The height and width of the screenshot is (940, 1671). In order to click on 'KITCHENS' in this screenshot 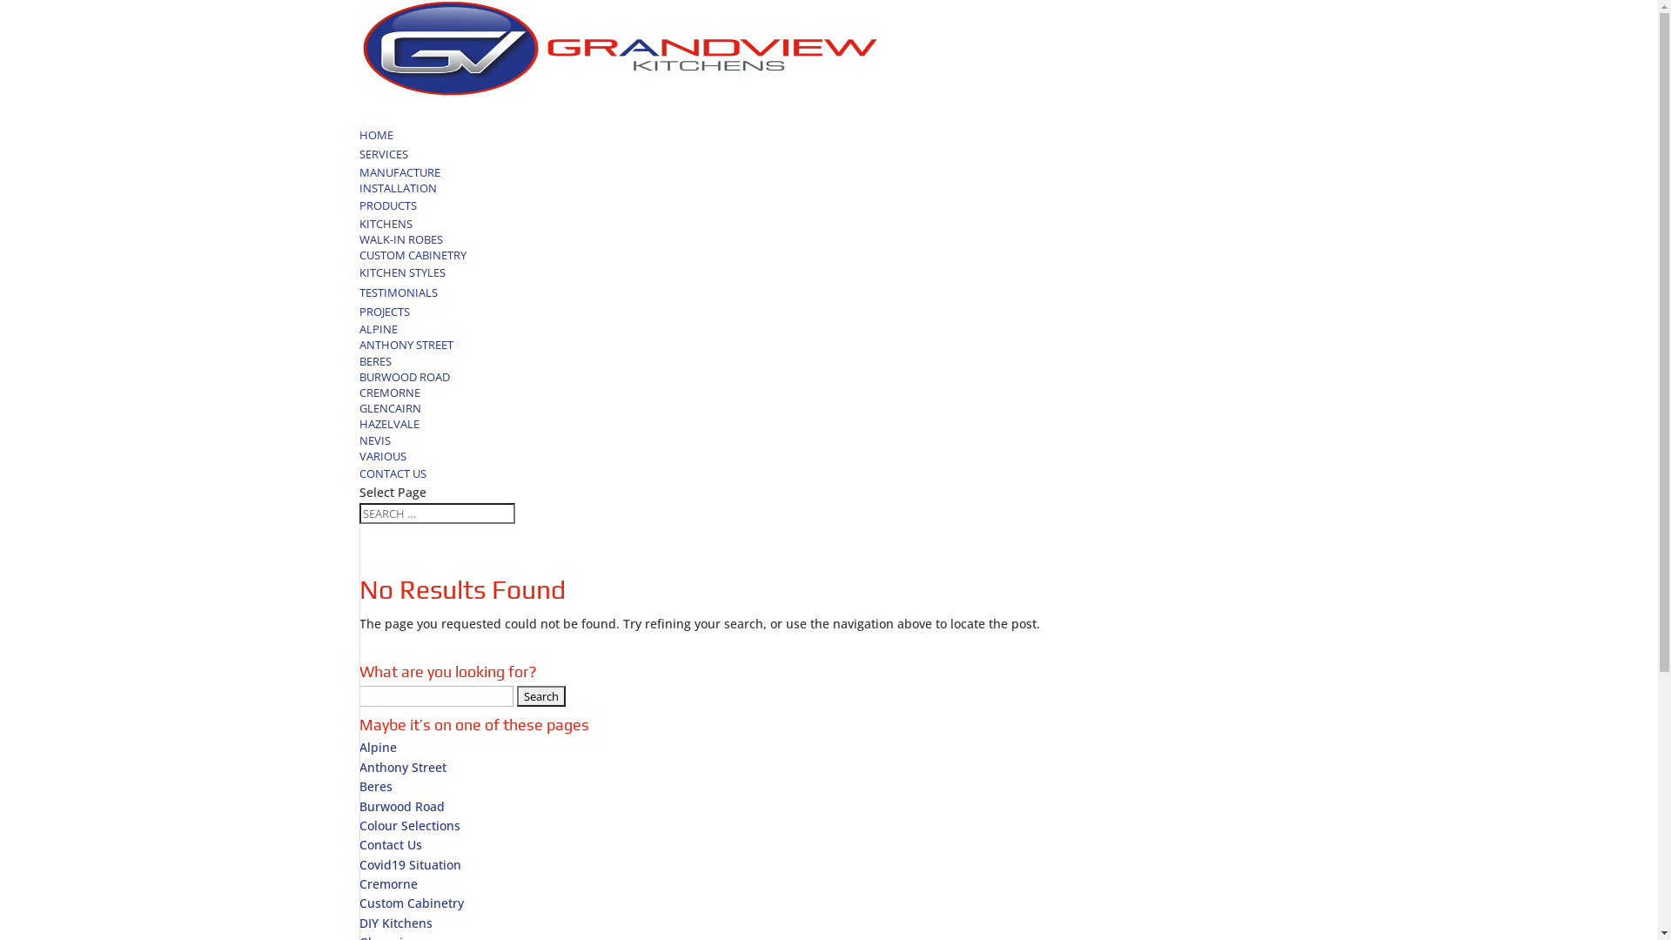, I will do `click(384, 223)`.